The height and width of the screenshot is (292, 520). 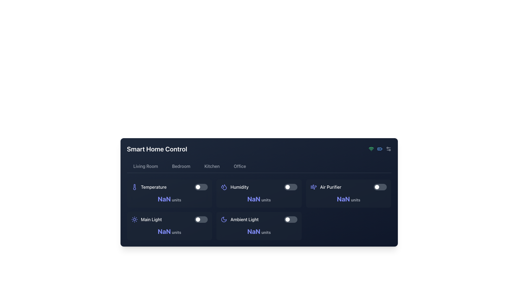 I want to click on the gear-shaped settings icon located on the far right of the header bar, adjacent to Wi-Fi and battery icons, so click(x=388, y=149).